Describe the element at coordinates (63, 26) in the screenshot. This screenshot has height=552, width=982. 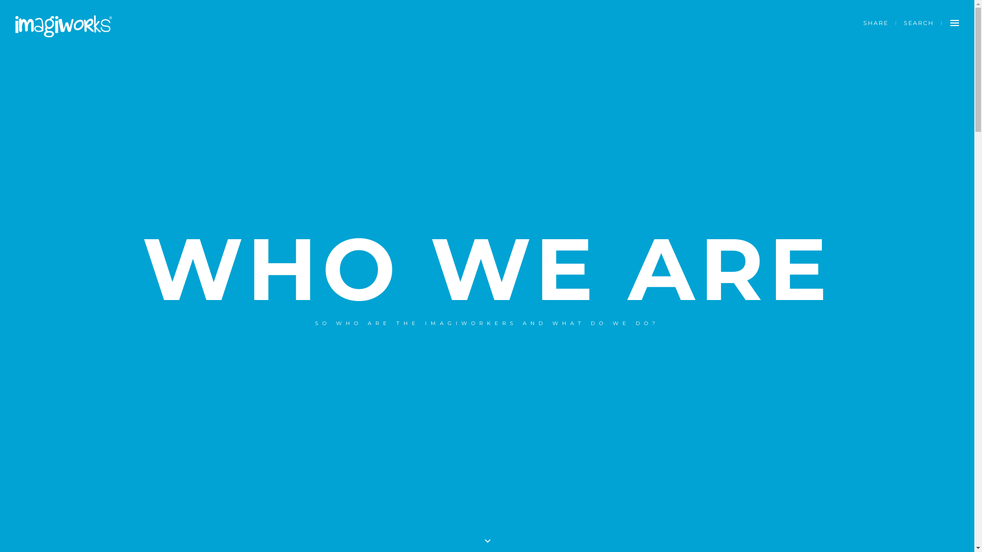
I see `'ImagiWorks'` at that location.